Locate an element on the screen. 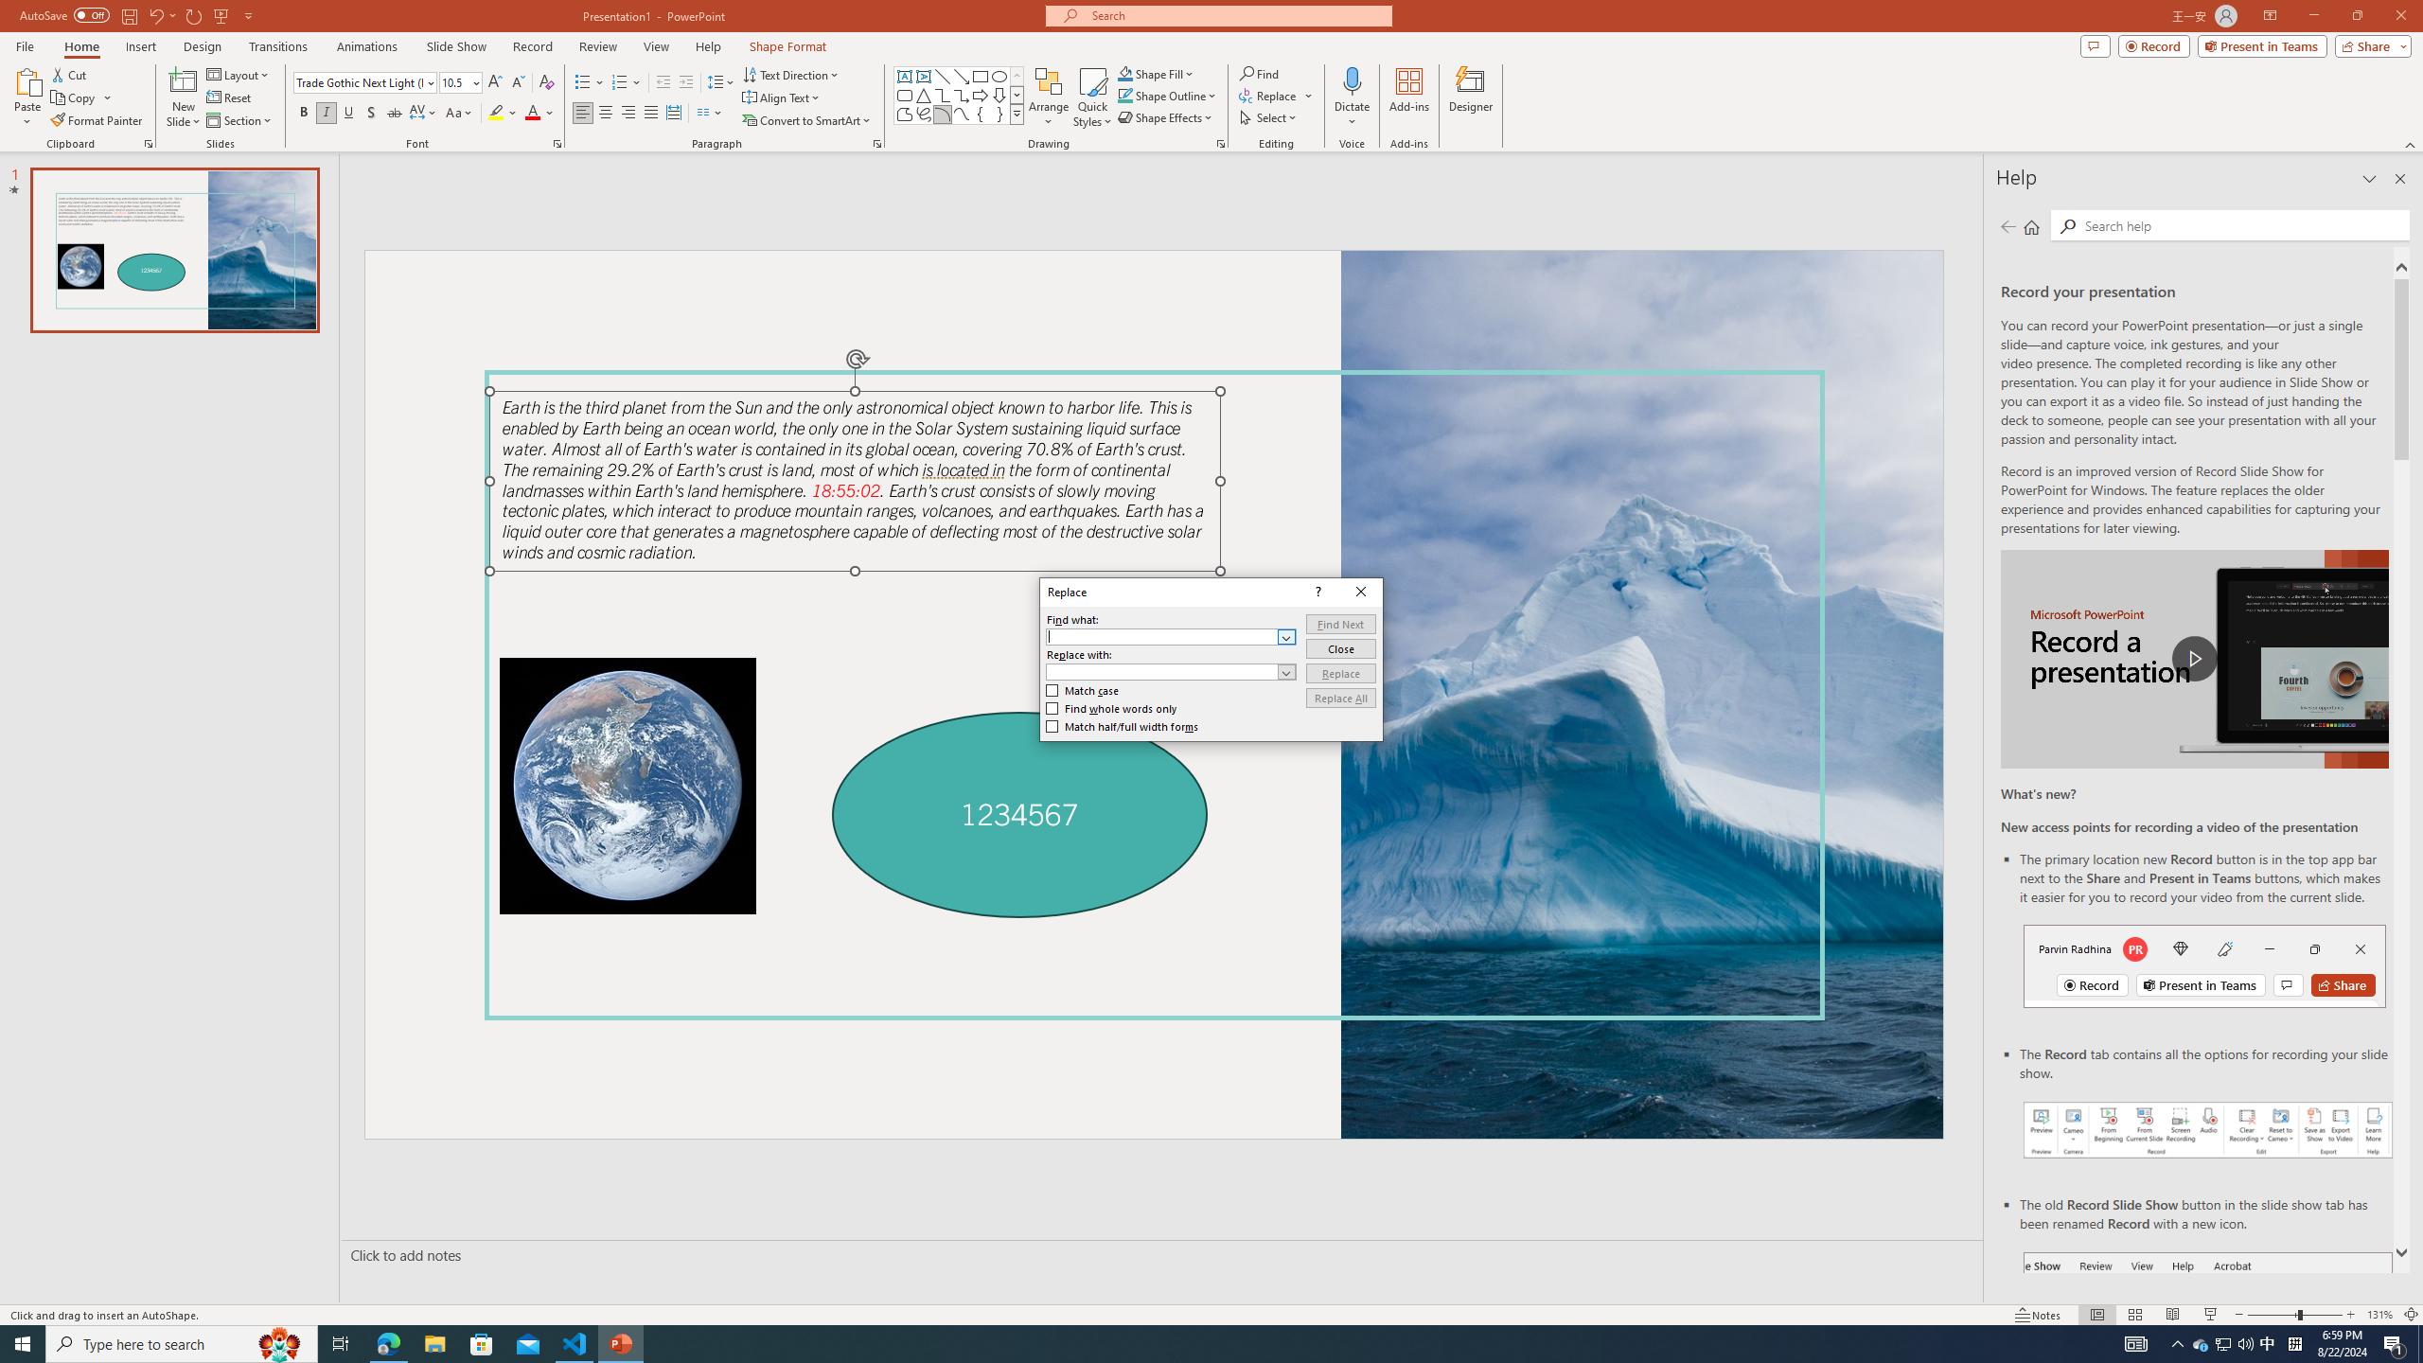  'Arrange' is located at coordinates (1049, 97).